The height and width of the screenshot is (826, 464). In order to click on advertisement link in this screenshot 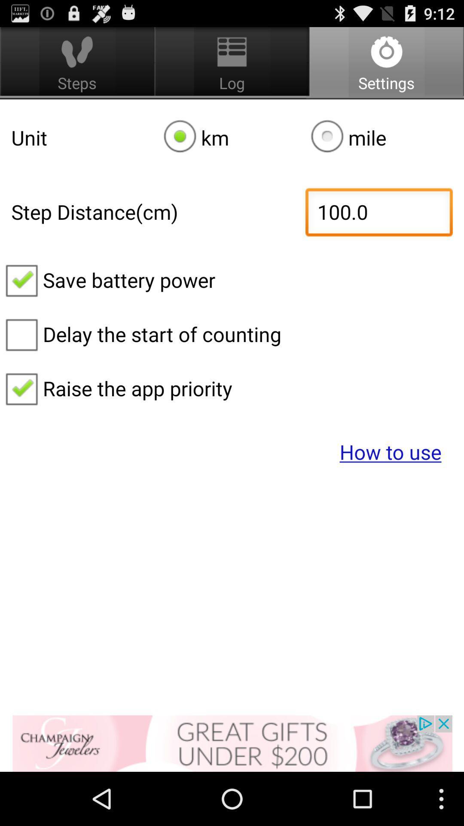, I will do `click(232, 743)`.